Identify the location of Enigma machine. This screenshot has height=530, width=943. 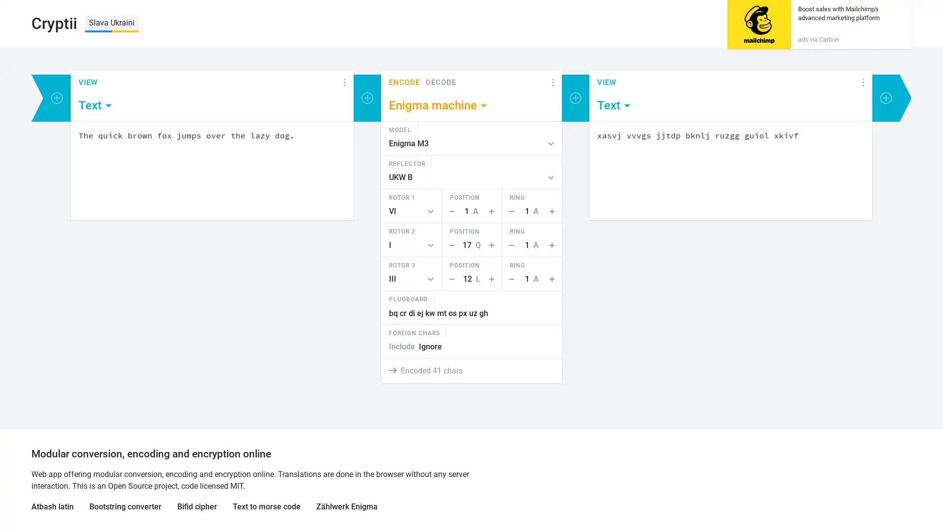
(438, 106).